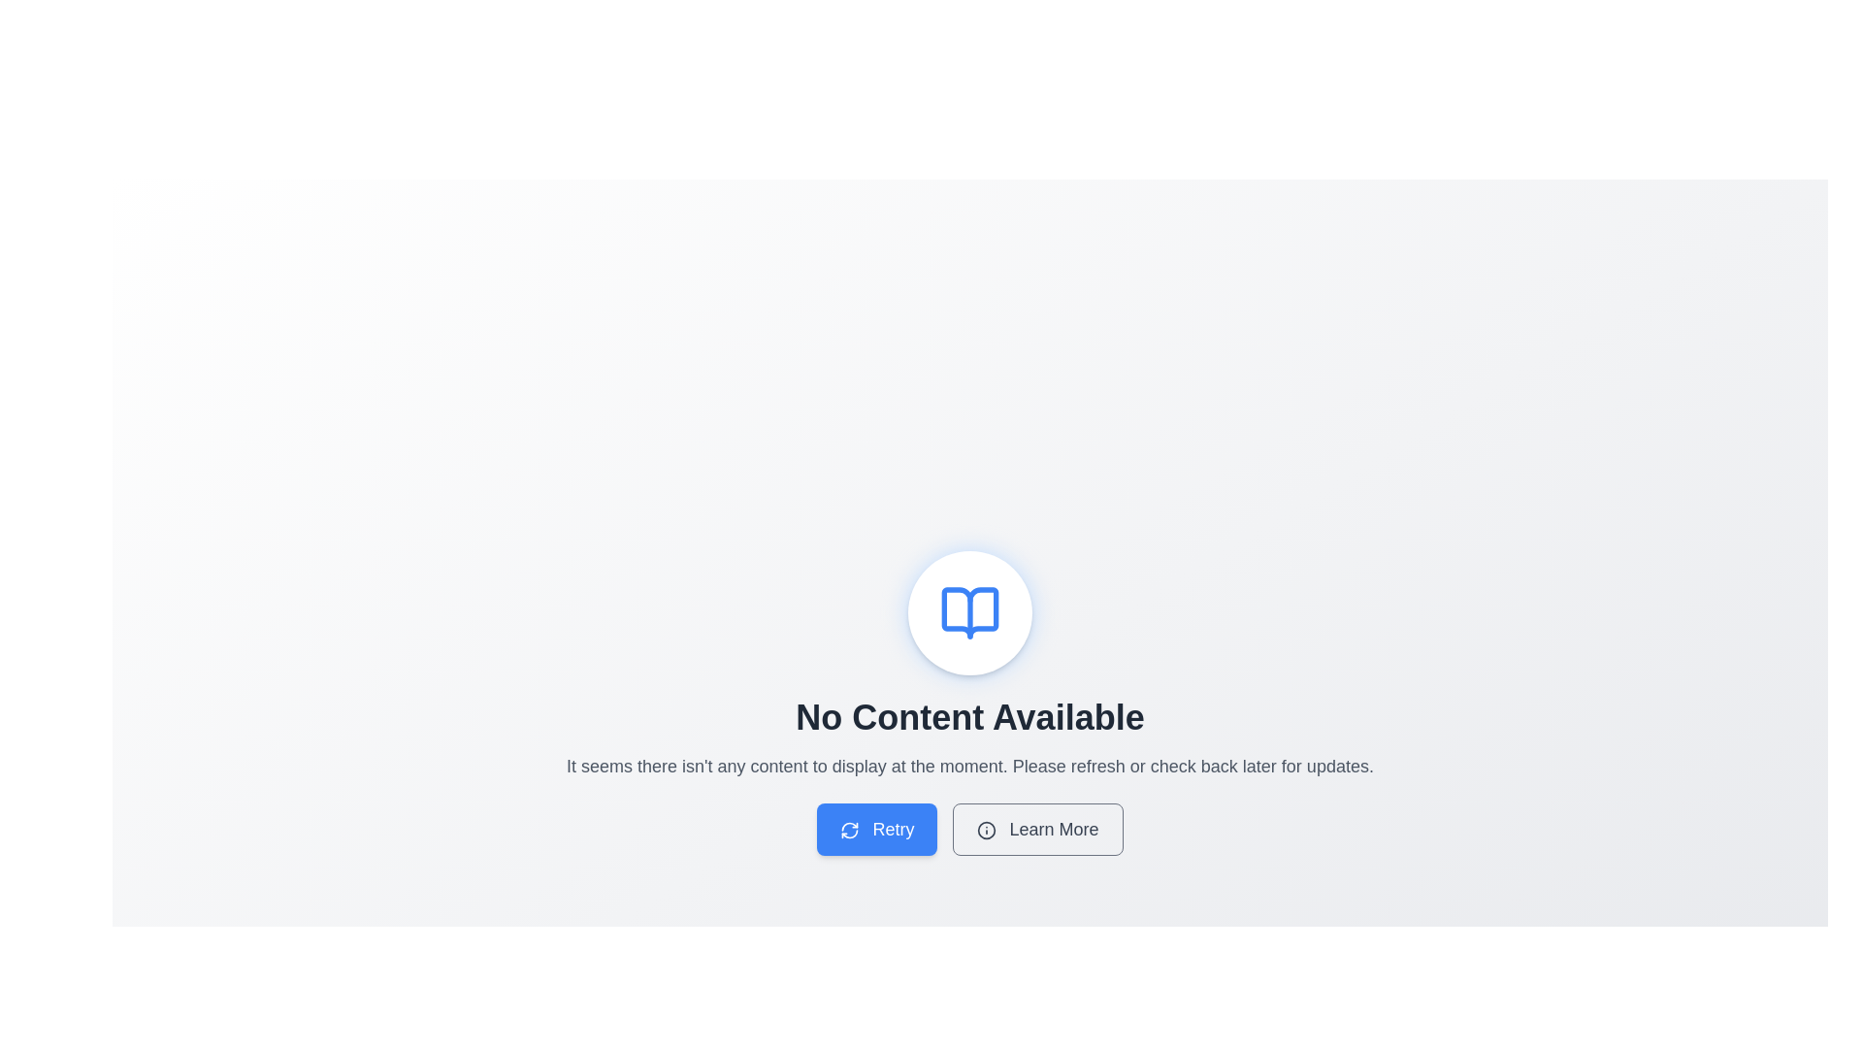 Image resolution: width=1863 pixels, height=1048 pixels. Describe the element at coordinates (969, 613) in the screenshot. I see `the blue icon resembling an open book, which is centrally located below the text 'No Content Available'` at that location.